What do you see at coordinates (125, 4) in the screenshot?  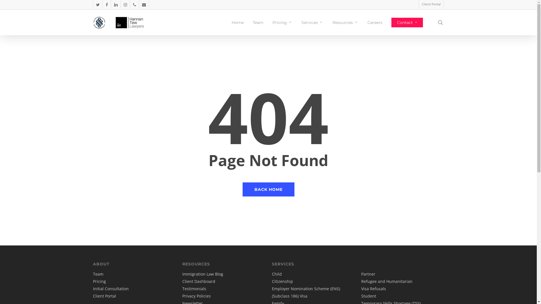 I see `'Instagram'` at bounding box center [125, 4].